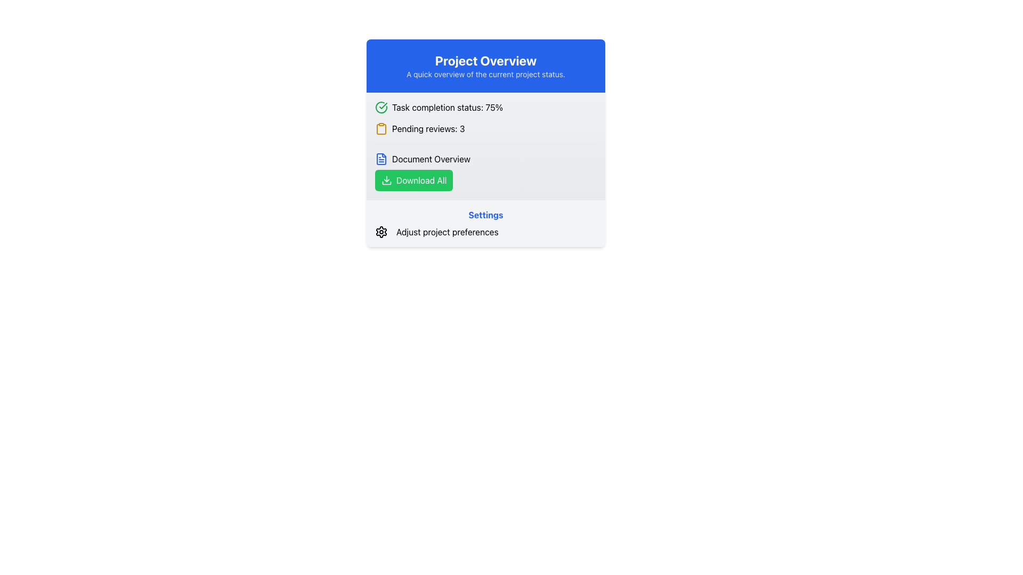  I want to click on the green 'Download All' button which contains a downward arrow SVG icon on its left side, so click(386, 180).